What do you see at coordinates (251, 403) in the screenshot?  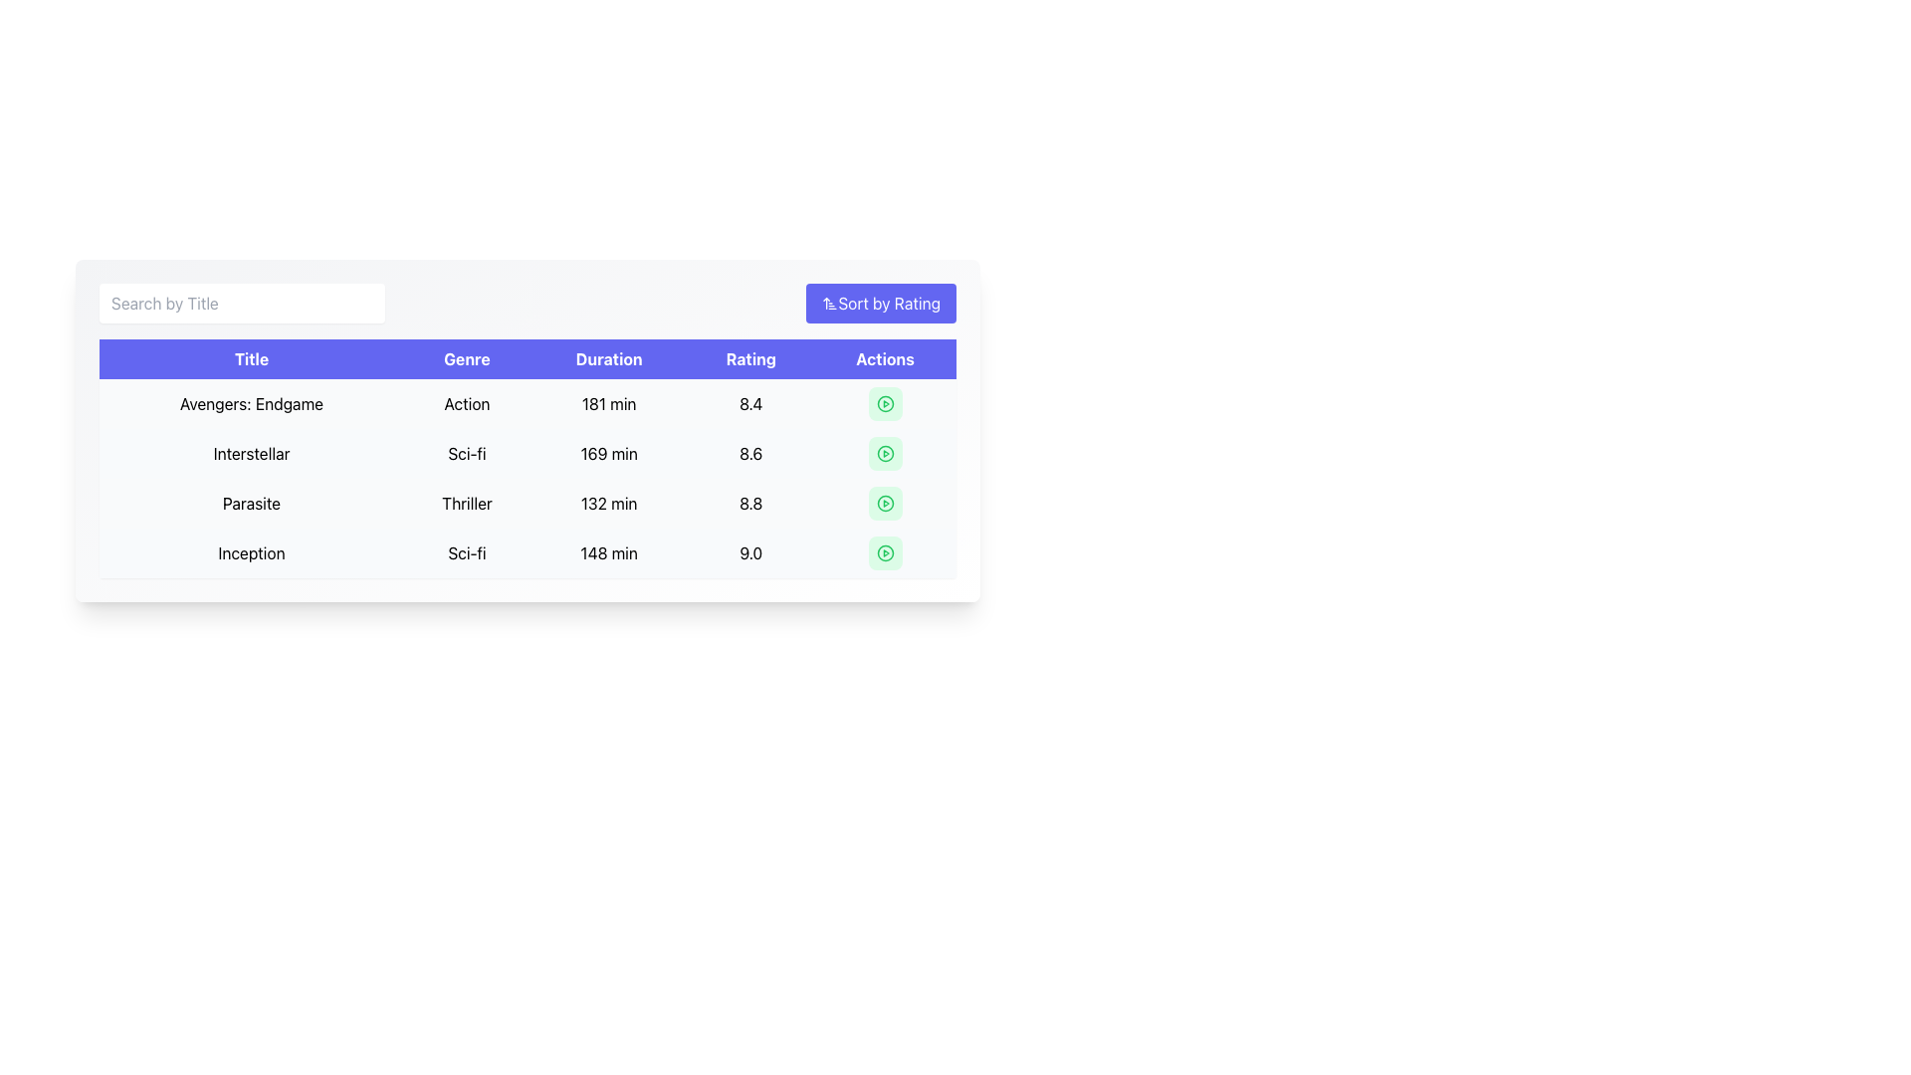 I see `the text label that displays the title 'Avengers: Endgame' in the first row of the table under the 'Title' column` at bounding box center [251, 403].